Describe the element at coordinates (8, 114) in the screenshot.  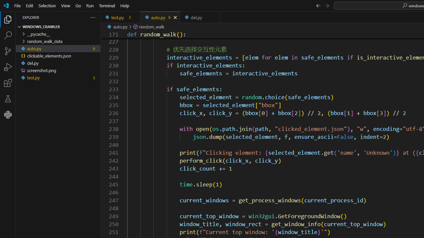
I see `'Python'` at that location.